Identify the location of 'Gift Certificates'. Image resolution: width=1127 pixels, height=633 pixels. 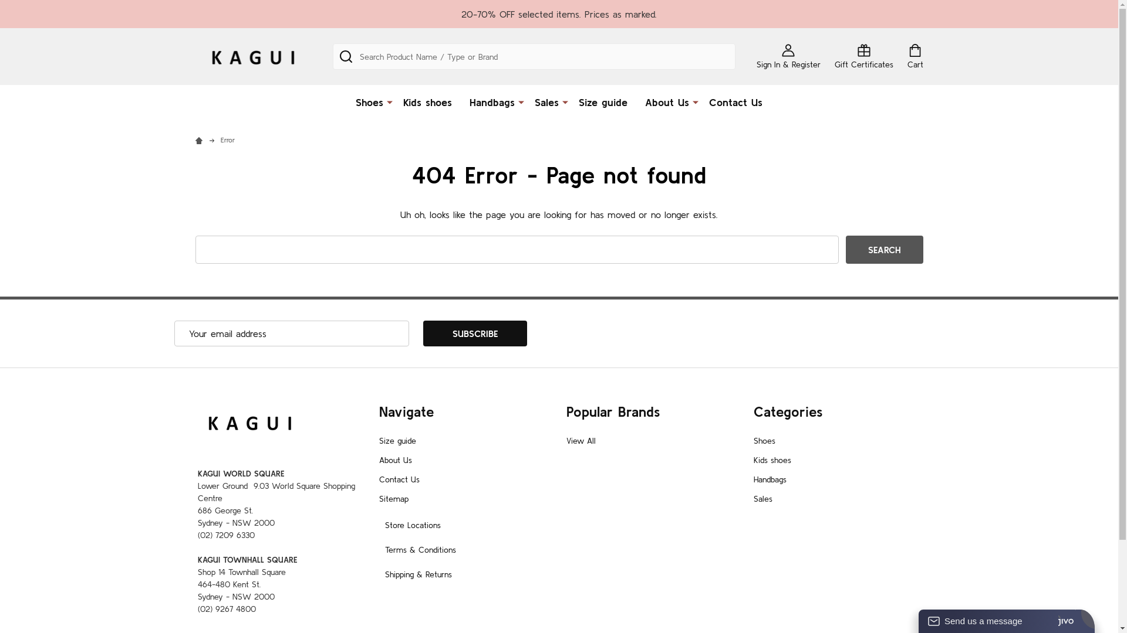
(864, 56).